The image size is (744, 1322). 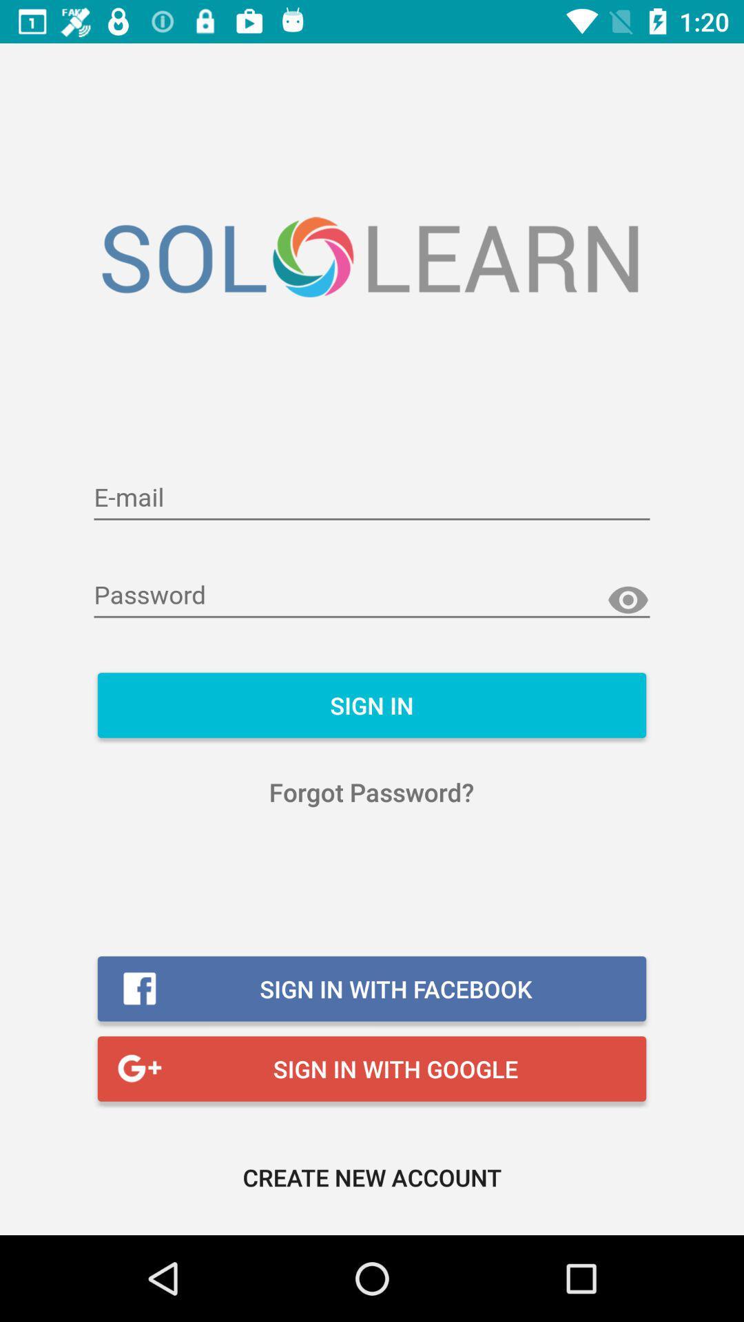 I want to click on forgot password? item, so click(x=371, y=792).